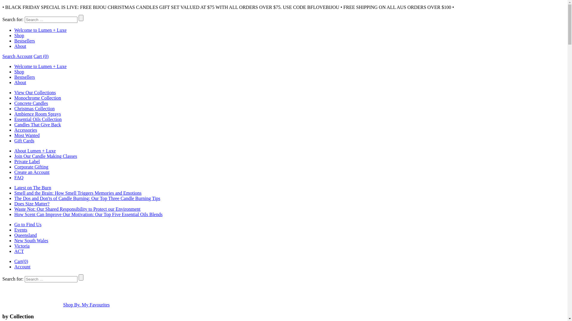 This screenshot has height=321, width=572. What do you see at coordinates (51, 279) in the screenshot?
I see `'Search for:'` at bounding box center [51, 279].